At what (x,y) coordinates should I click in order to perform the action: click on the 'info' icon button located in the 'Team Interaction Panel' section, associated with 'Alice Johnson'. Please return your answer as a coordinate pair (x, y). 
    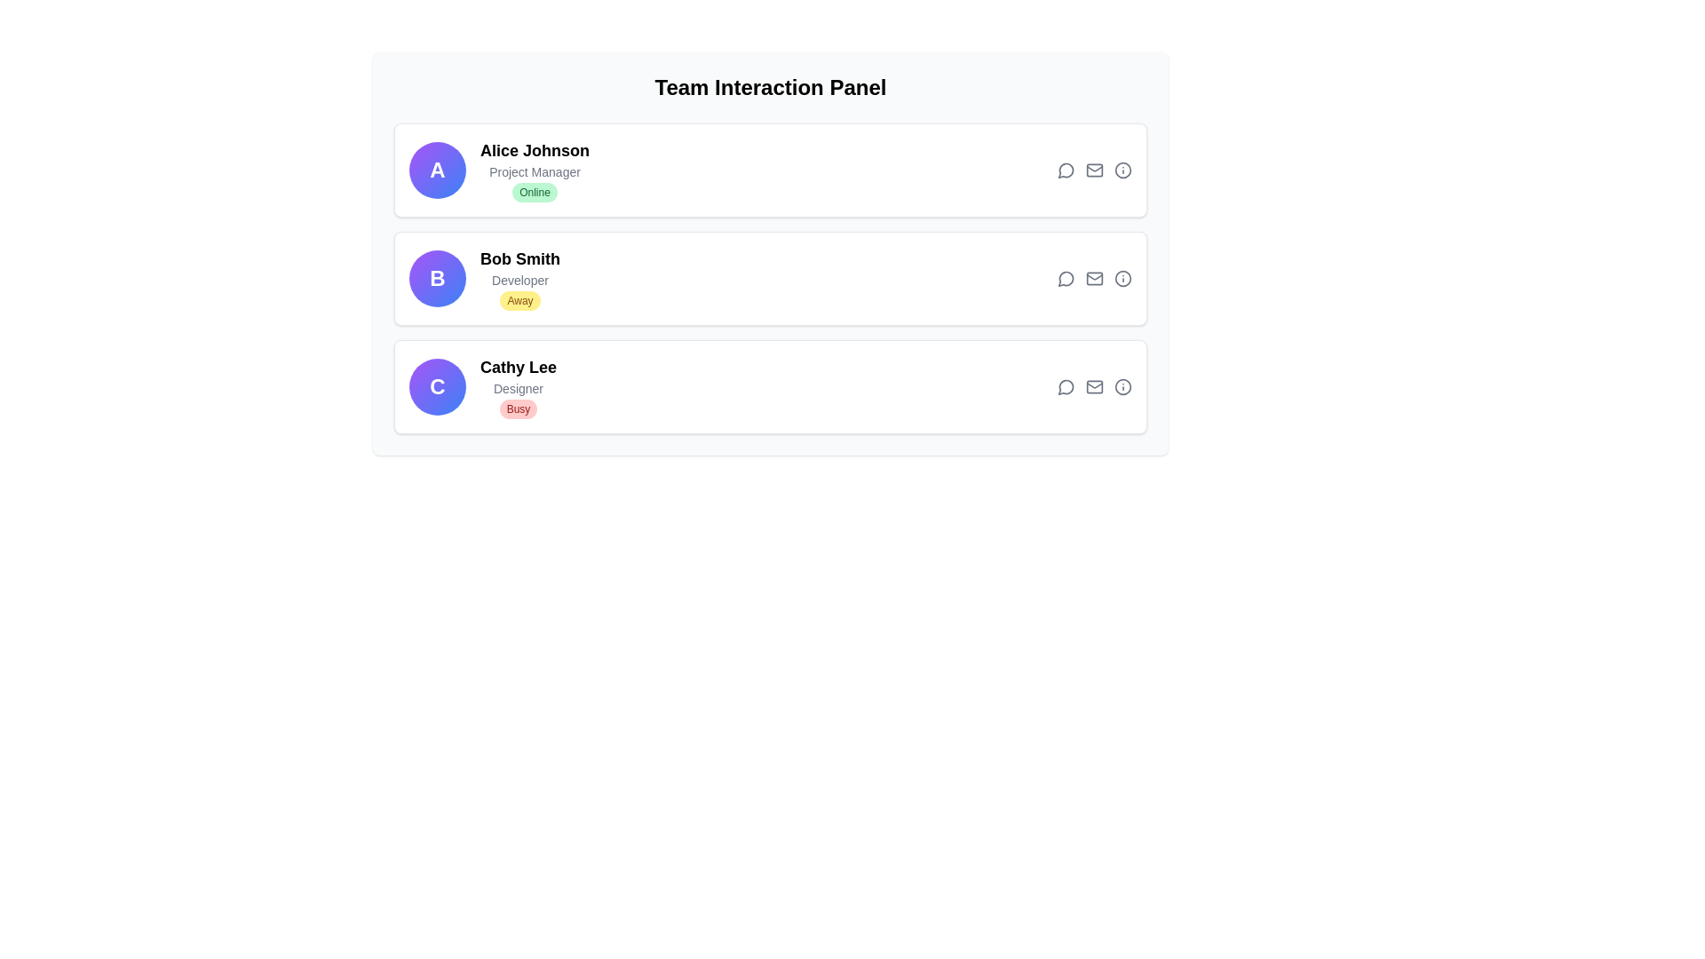
    Looking at the image, I should click on (1122, 170).